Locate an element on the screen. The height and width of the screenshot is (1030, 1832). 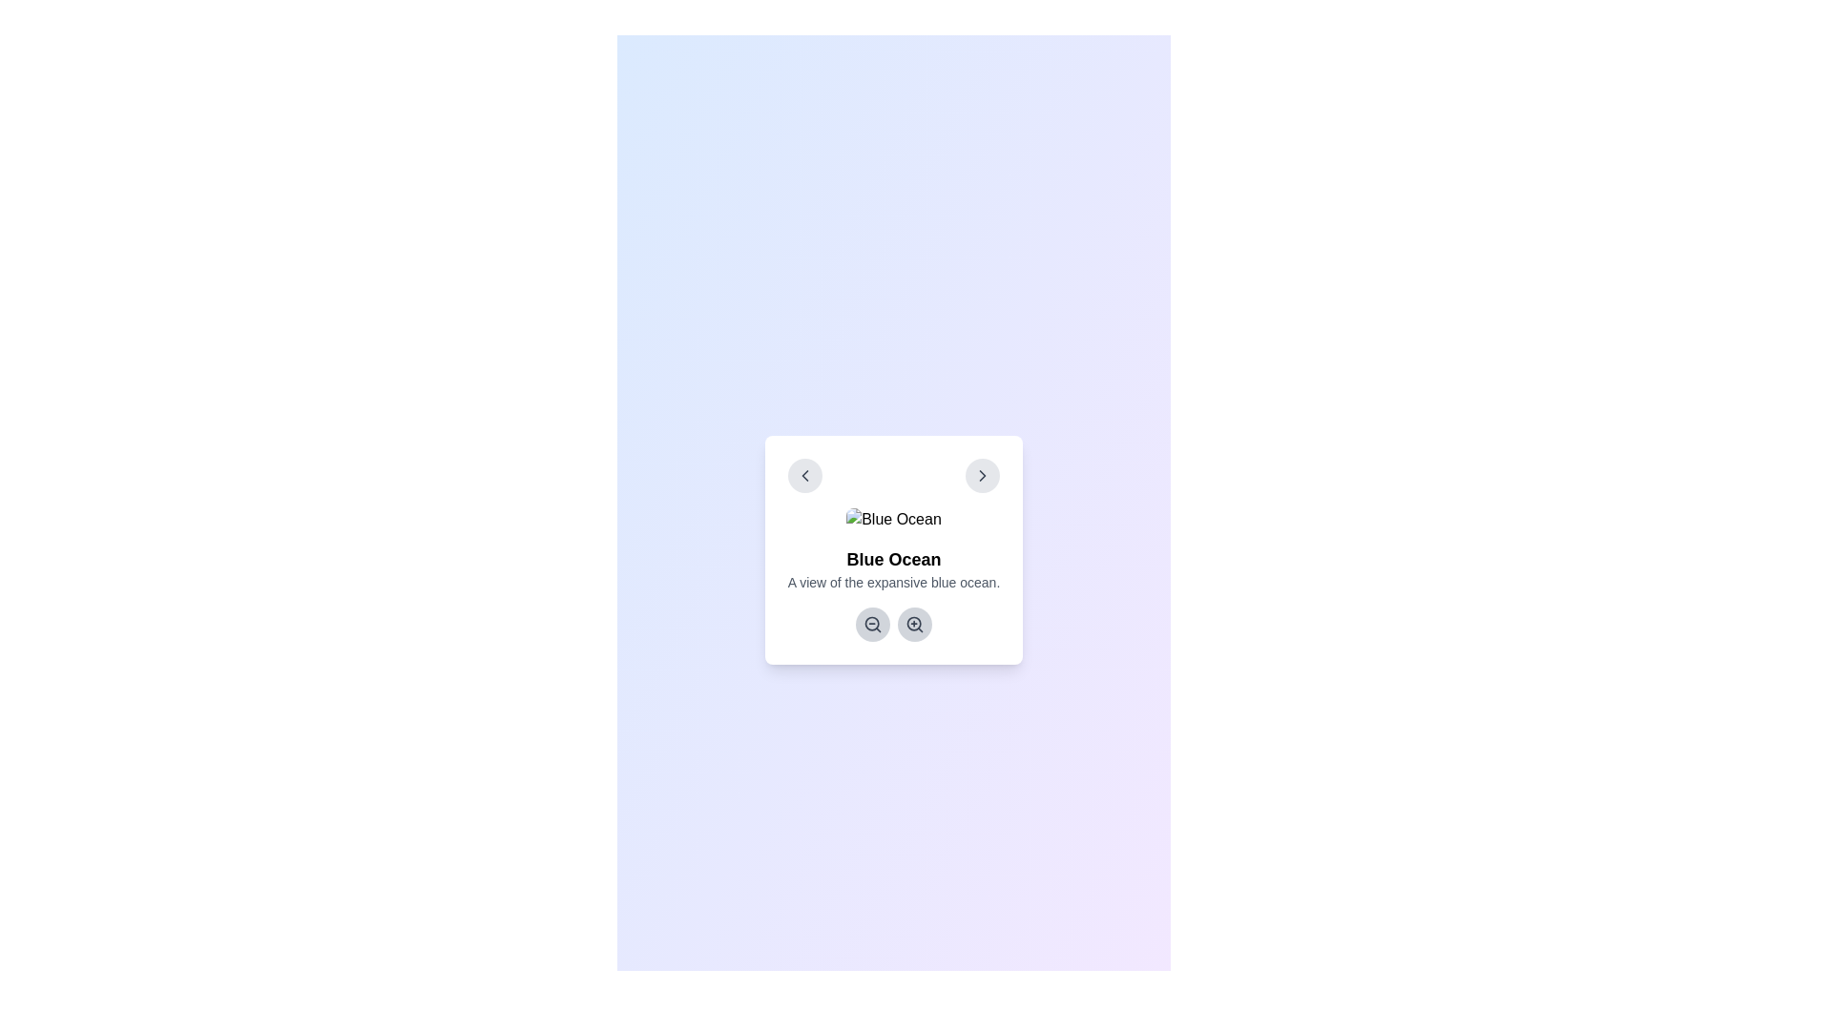
the static text element that reads 'Blue Ocean', which is prominently displayed in a bold, large font against a light background, centered in a card layout is located at coordinates (892, 558).